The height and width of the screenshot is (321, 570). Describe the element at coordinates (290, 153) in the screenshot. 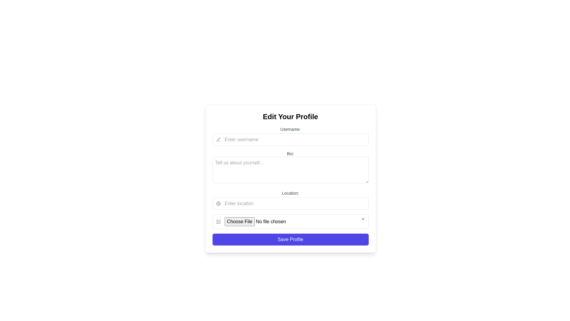

I see `the 'Bio:' label, which is styled in gray, small font, and is located above the multi-line text input in the profile editing form` at that location.